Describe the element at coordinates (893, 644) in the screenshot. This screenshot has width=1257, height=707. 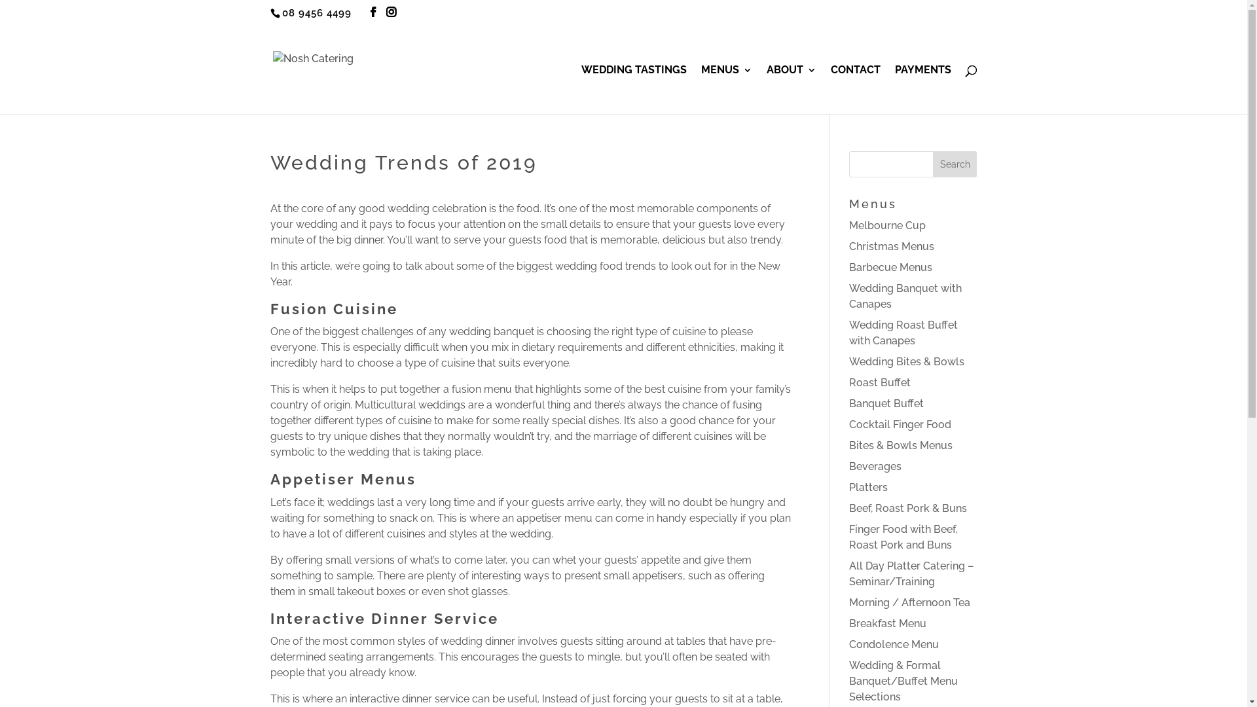
I see `'Condolence Menu'` at that location.